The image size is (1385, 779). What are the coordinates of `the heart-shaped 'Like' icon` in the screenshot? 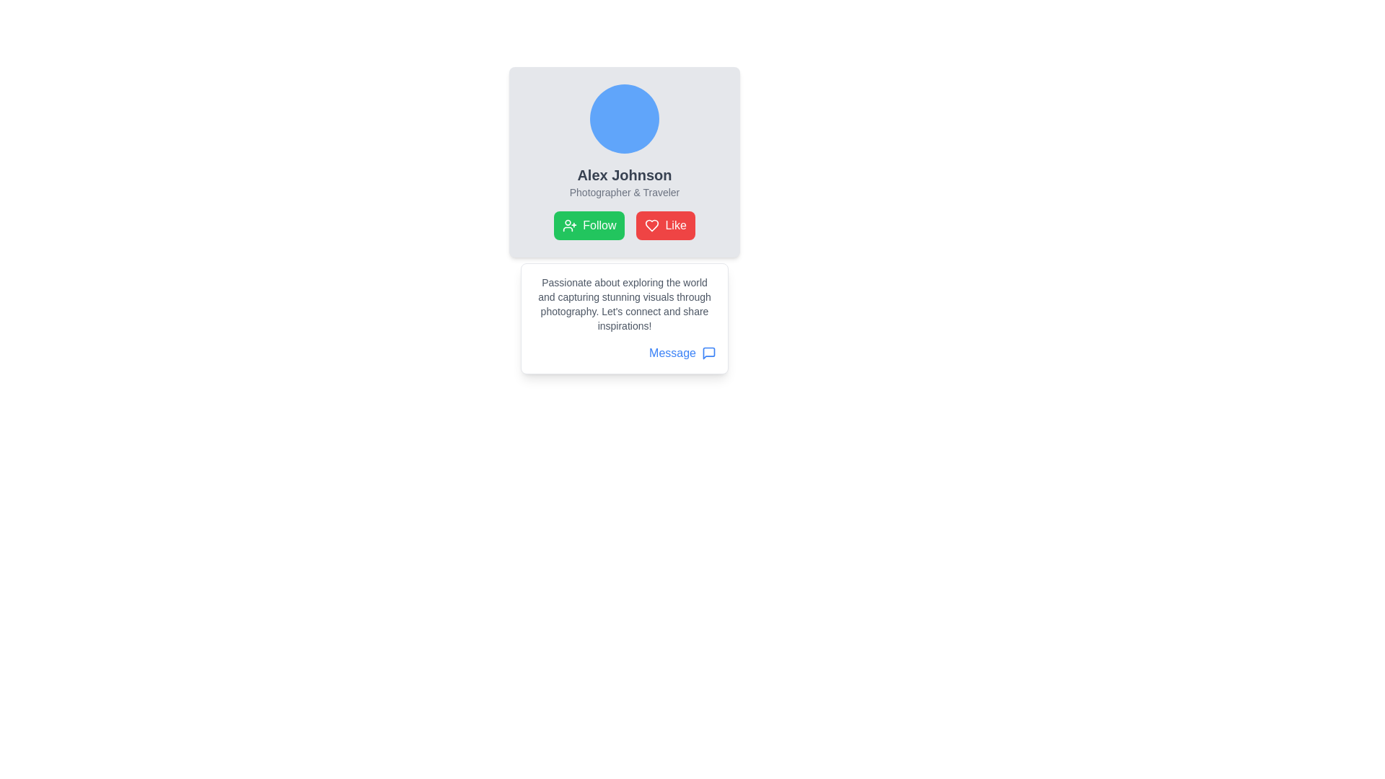 It's located at (651, 225).